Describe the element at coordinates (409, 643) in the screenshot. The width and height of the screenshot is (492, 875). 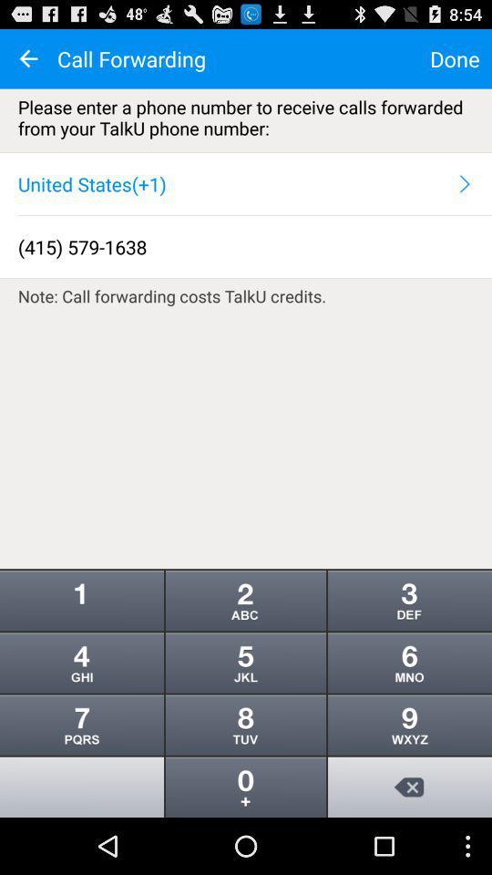
I see `the more icon` at that location.